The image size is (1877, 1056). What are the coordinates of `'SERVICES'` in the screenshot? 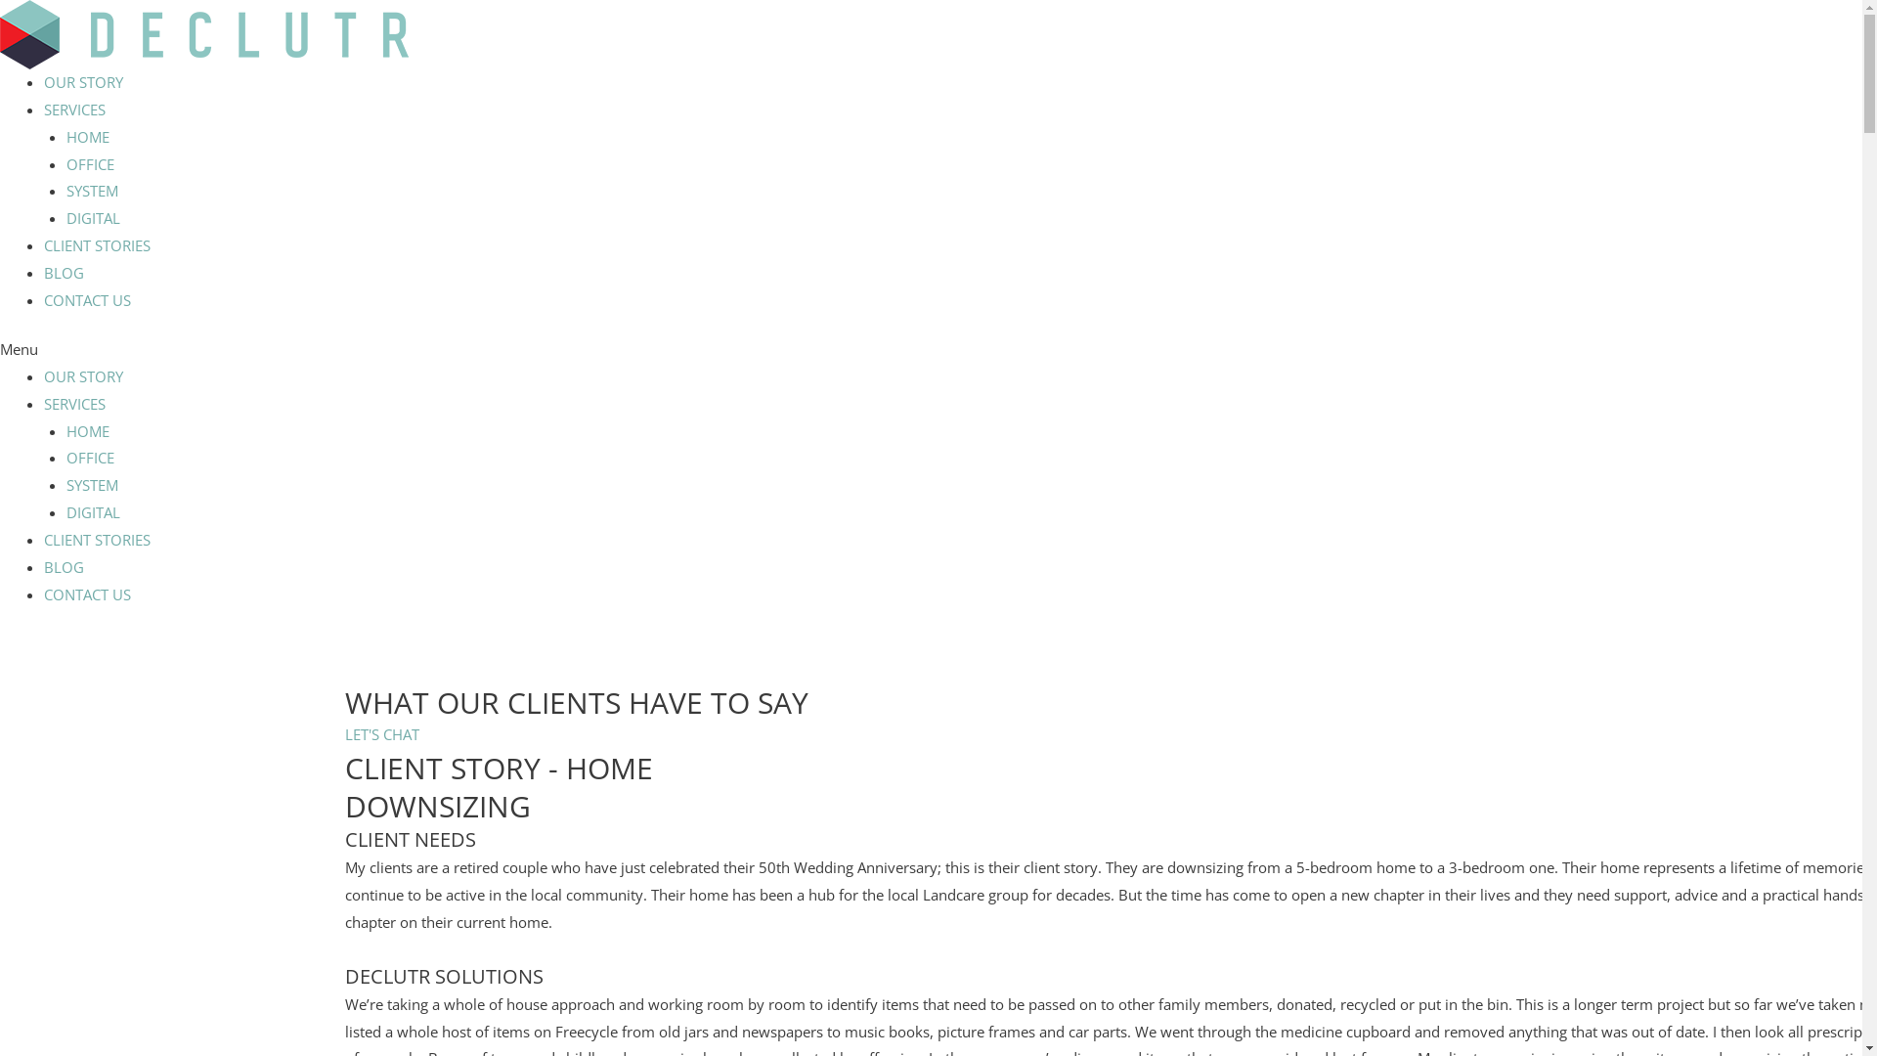 It's located at (74, 402).